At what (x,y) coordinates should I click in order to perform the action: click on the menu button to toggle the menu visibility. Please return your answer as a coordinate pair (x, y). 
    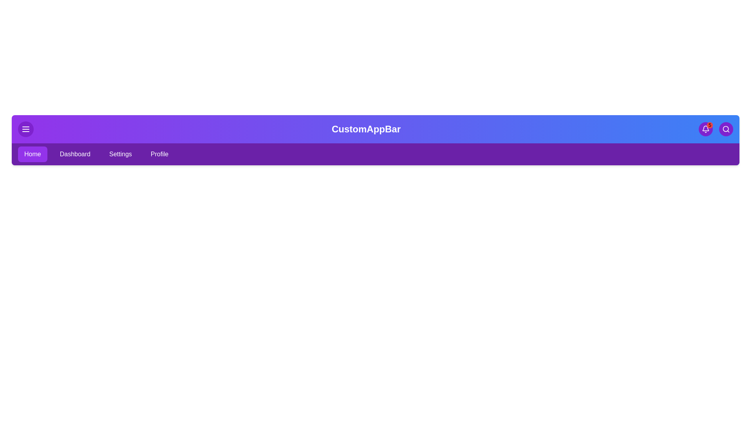
    Looking at the image, I should click on (26, 129).